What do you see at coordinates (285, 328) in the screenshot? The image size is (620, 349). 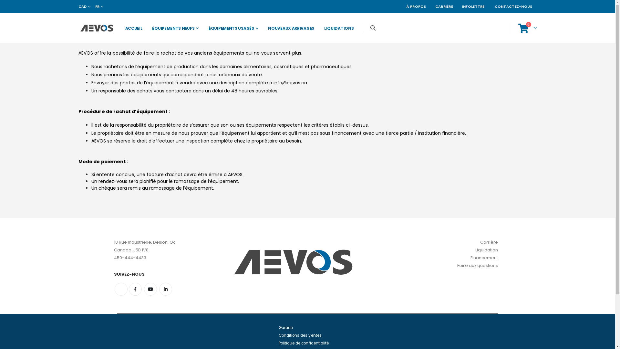 I see `'Garanti'` at bounding box center [285, 328].